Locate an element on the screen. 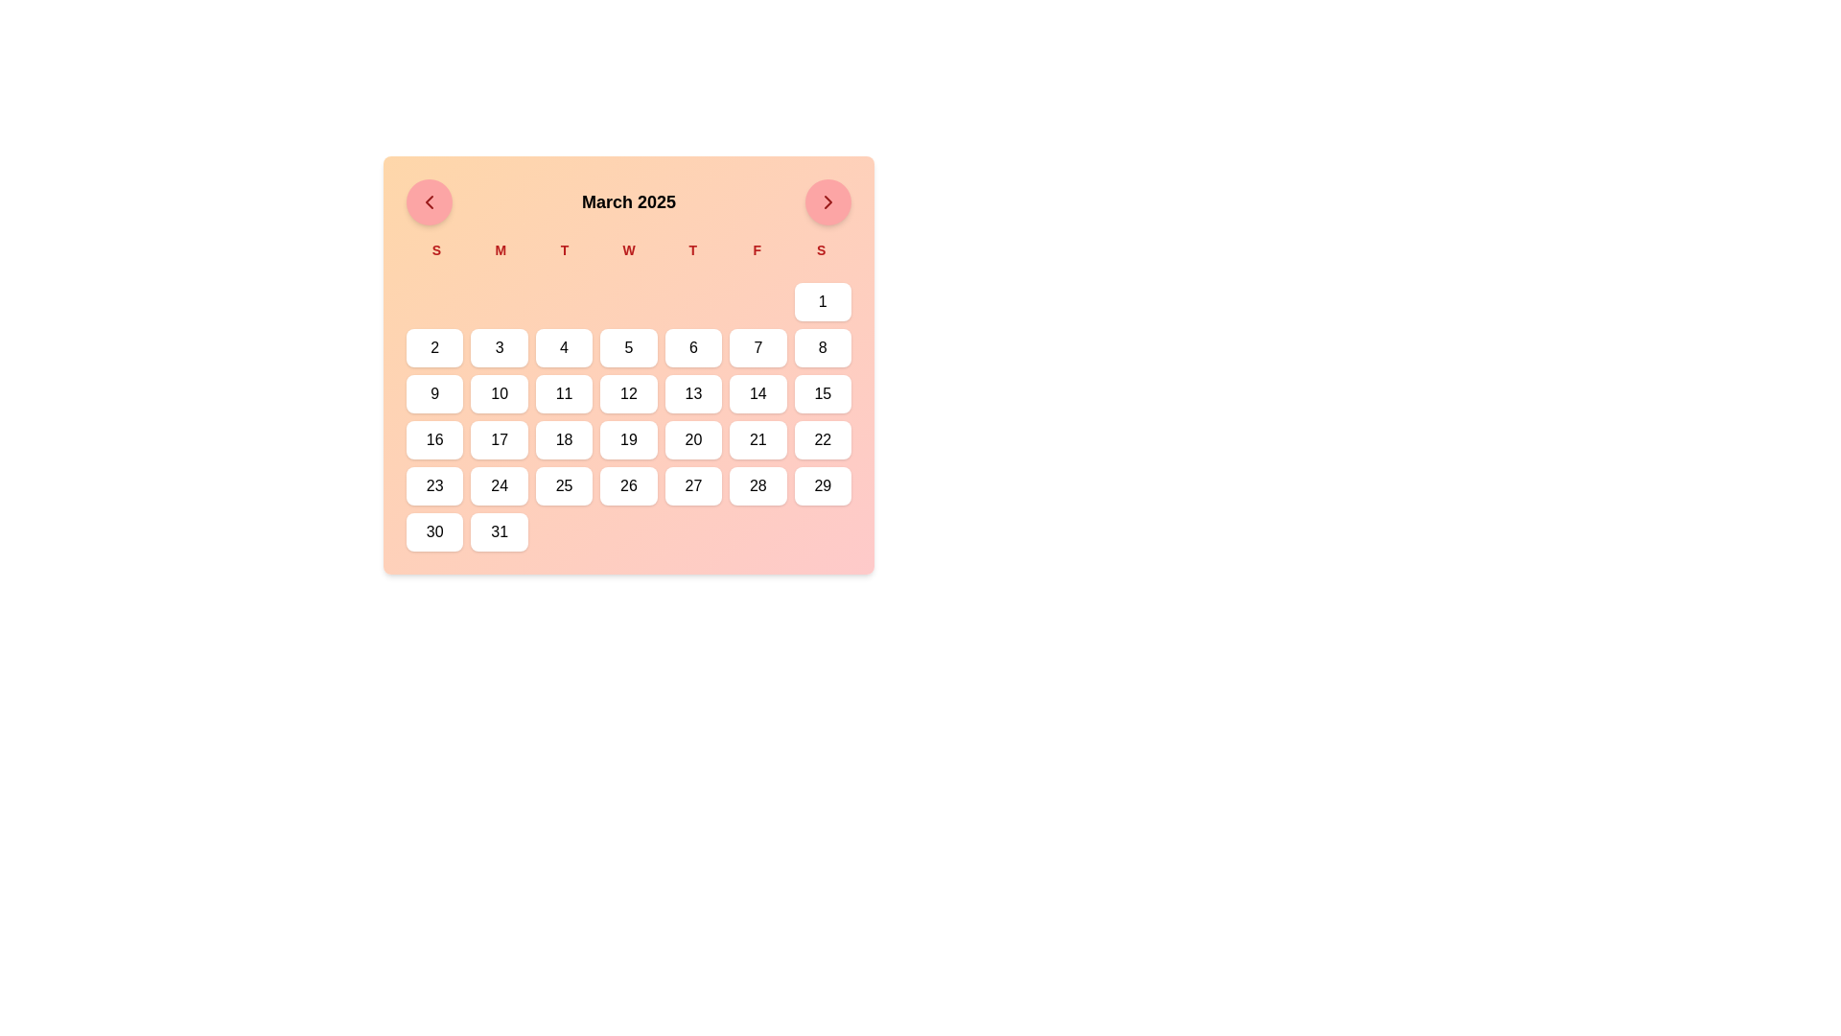 The width and height of the screenshot is (1841, 1036). the white rectangular button with rounded corners labeled '5' is located at coordinates (629, 347).